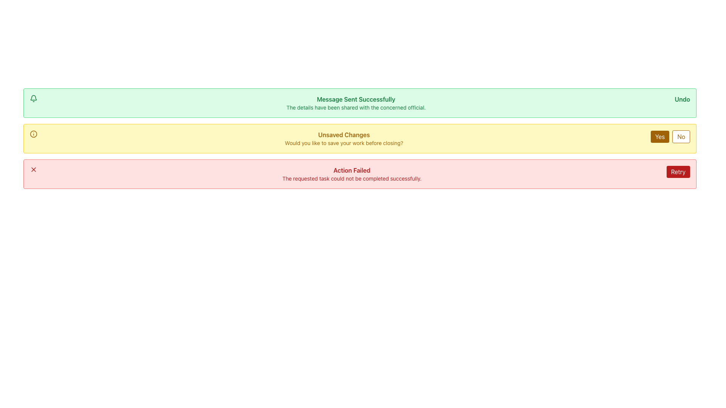 The width and height of the screenshot is (726, 408). Describe the element at coordinates (343, 138) in the screenshot. I see `the warning notification text in the yellow panel that prompts the user about unsaved changes, located above the 'Yes' and 'No' buttons` at that location.